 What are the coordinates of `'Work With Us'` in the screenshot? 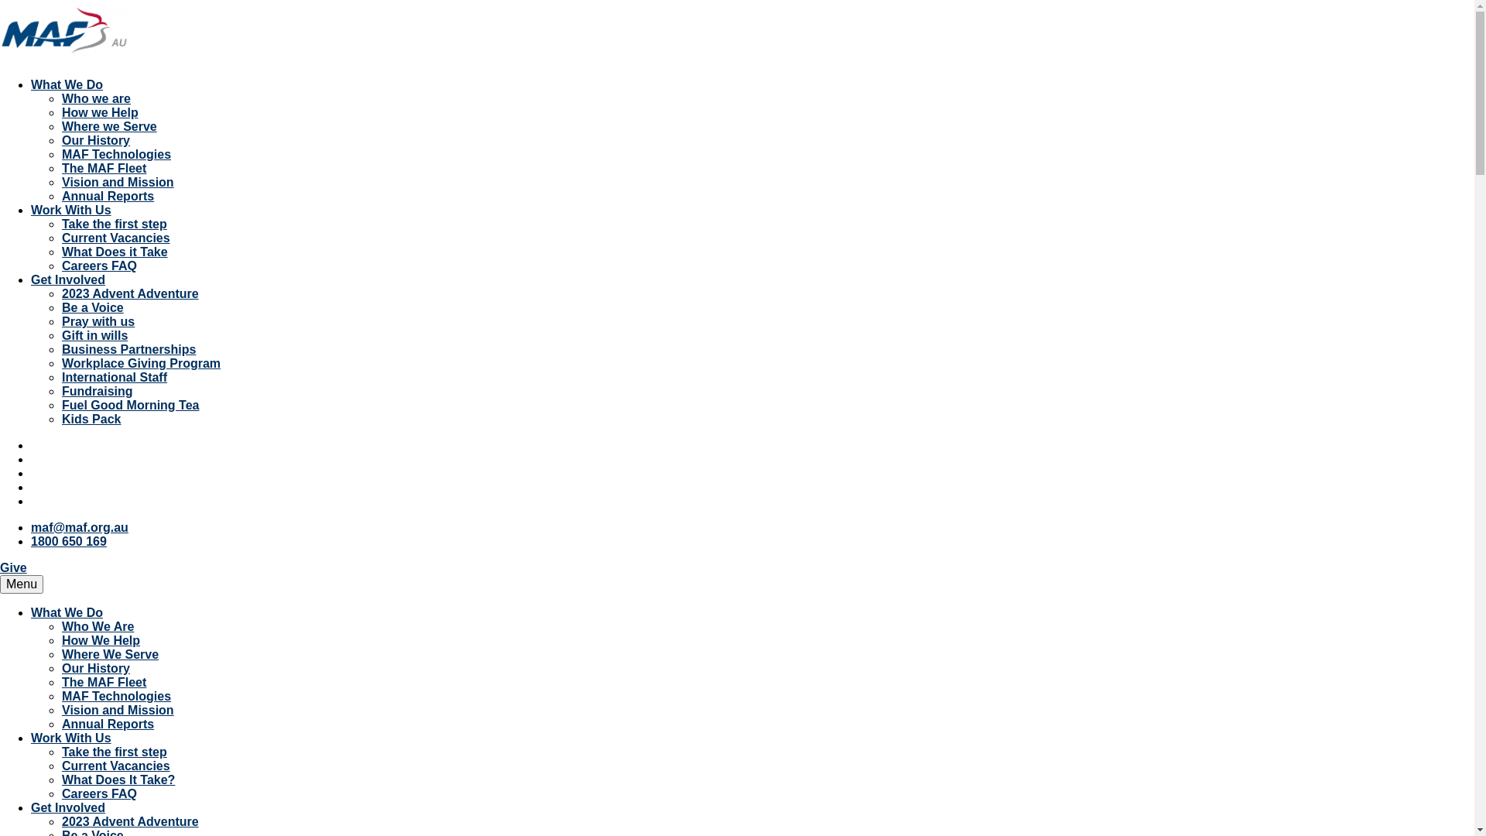 It's located at (70, 737).